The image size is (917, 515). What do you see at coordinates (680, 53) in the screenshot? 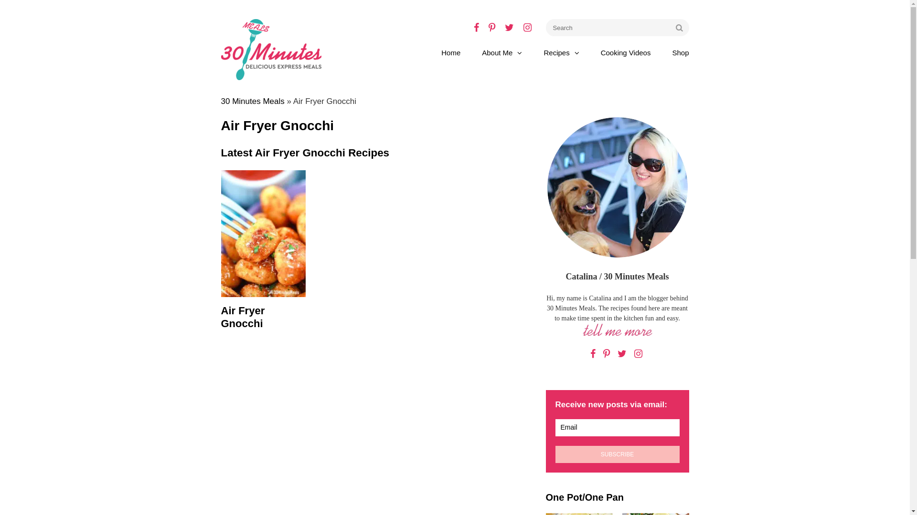
I see `'Shop'` at bounding box center [680, 53].